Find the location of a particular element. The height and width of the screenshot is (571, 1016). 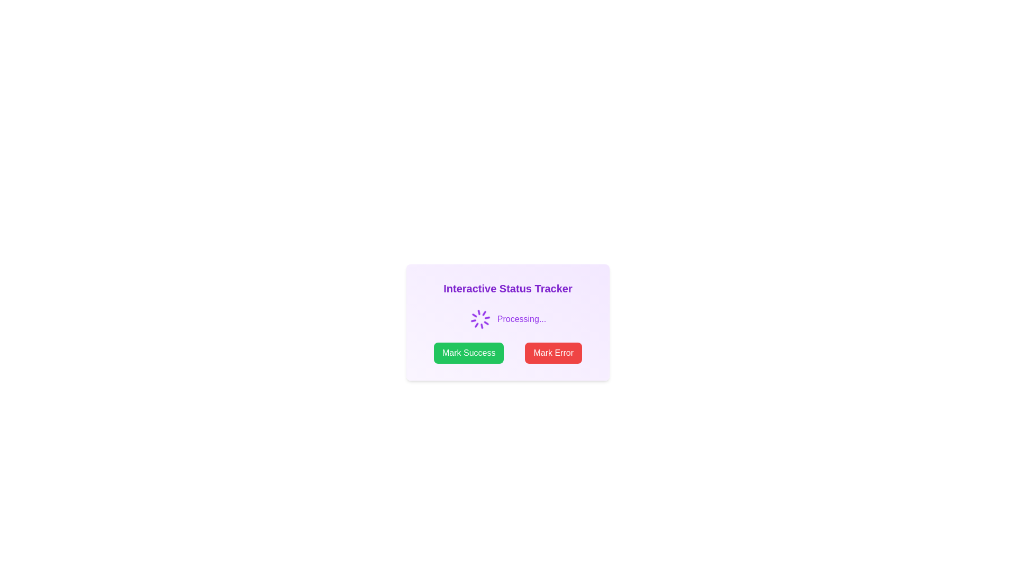

the static text label that serves as a status indicator, positioned to the right of a spinner icon in the bottom half of the interface is located at coordinates (521, 319).